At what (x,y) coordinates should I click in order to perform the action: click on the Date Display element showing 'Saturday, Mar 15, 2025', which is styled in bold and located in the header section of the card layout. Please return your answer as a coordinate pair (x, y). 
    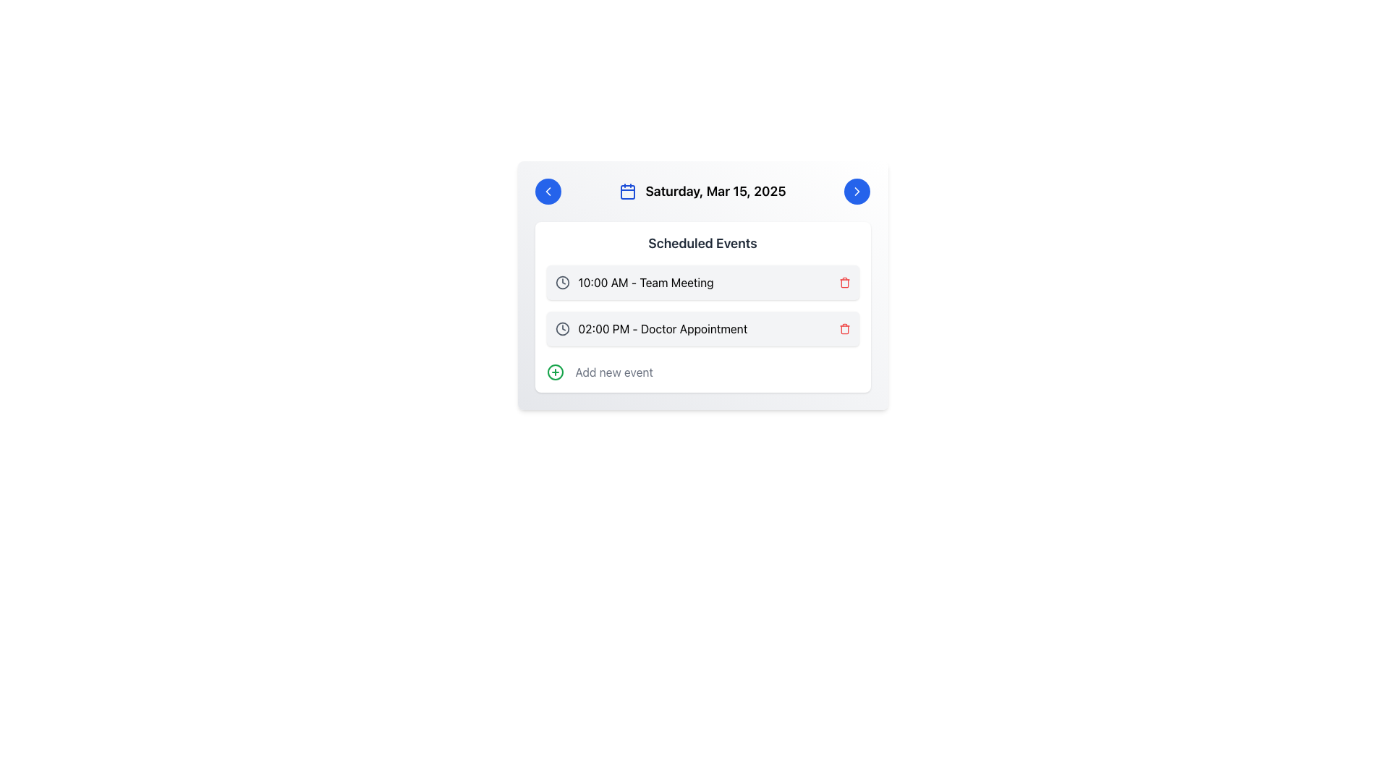
    Looking at the image, I should click on (702, 191).